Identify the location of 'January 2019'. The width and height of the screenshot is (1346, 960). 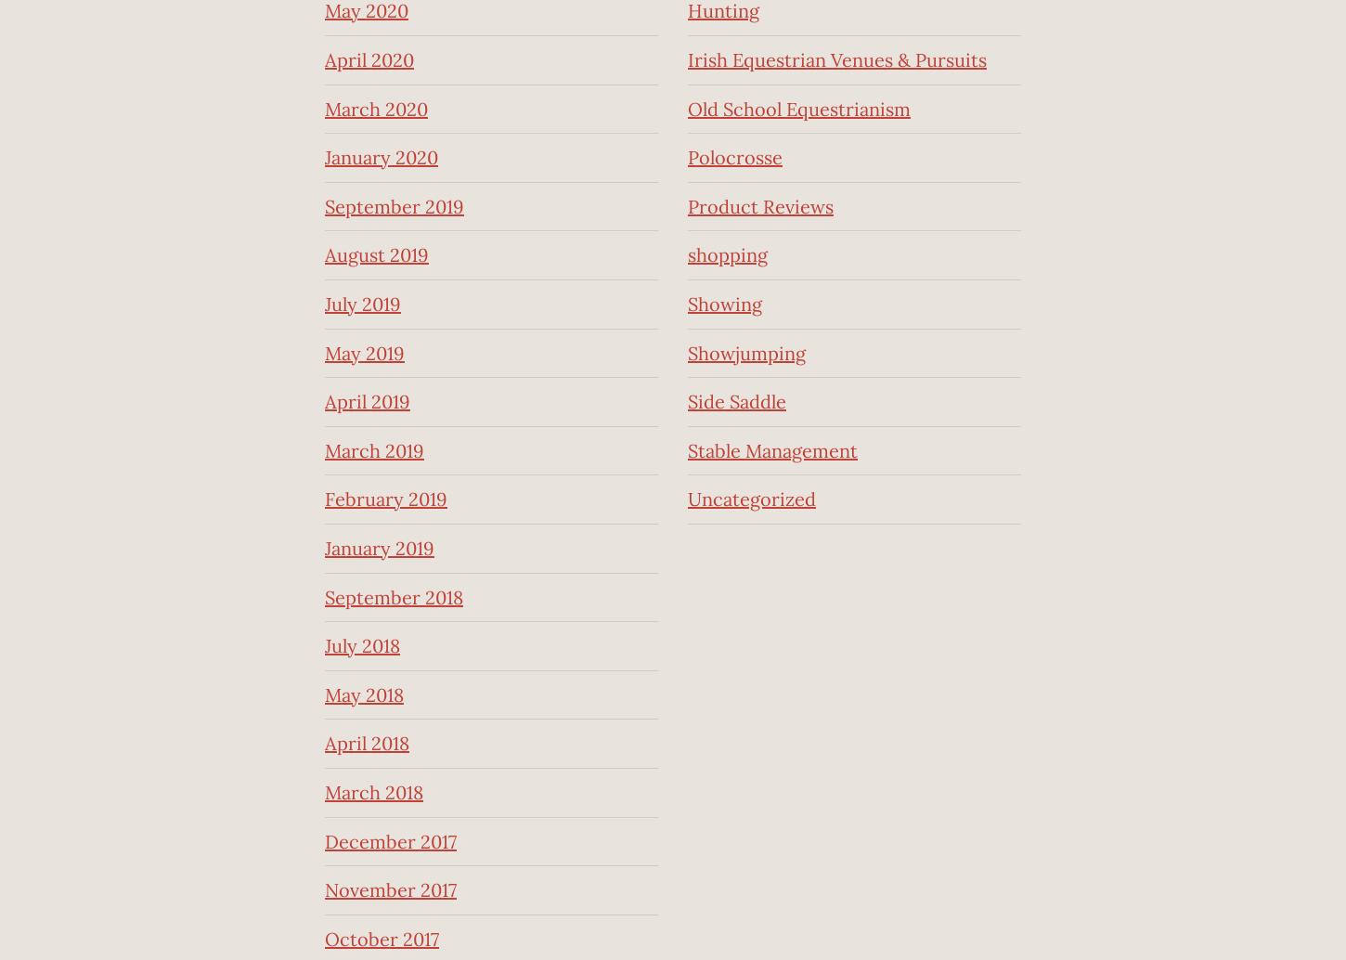
(379, 548).